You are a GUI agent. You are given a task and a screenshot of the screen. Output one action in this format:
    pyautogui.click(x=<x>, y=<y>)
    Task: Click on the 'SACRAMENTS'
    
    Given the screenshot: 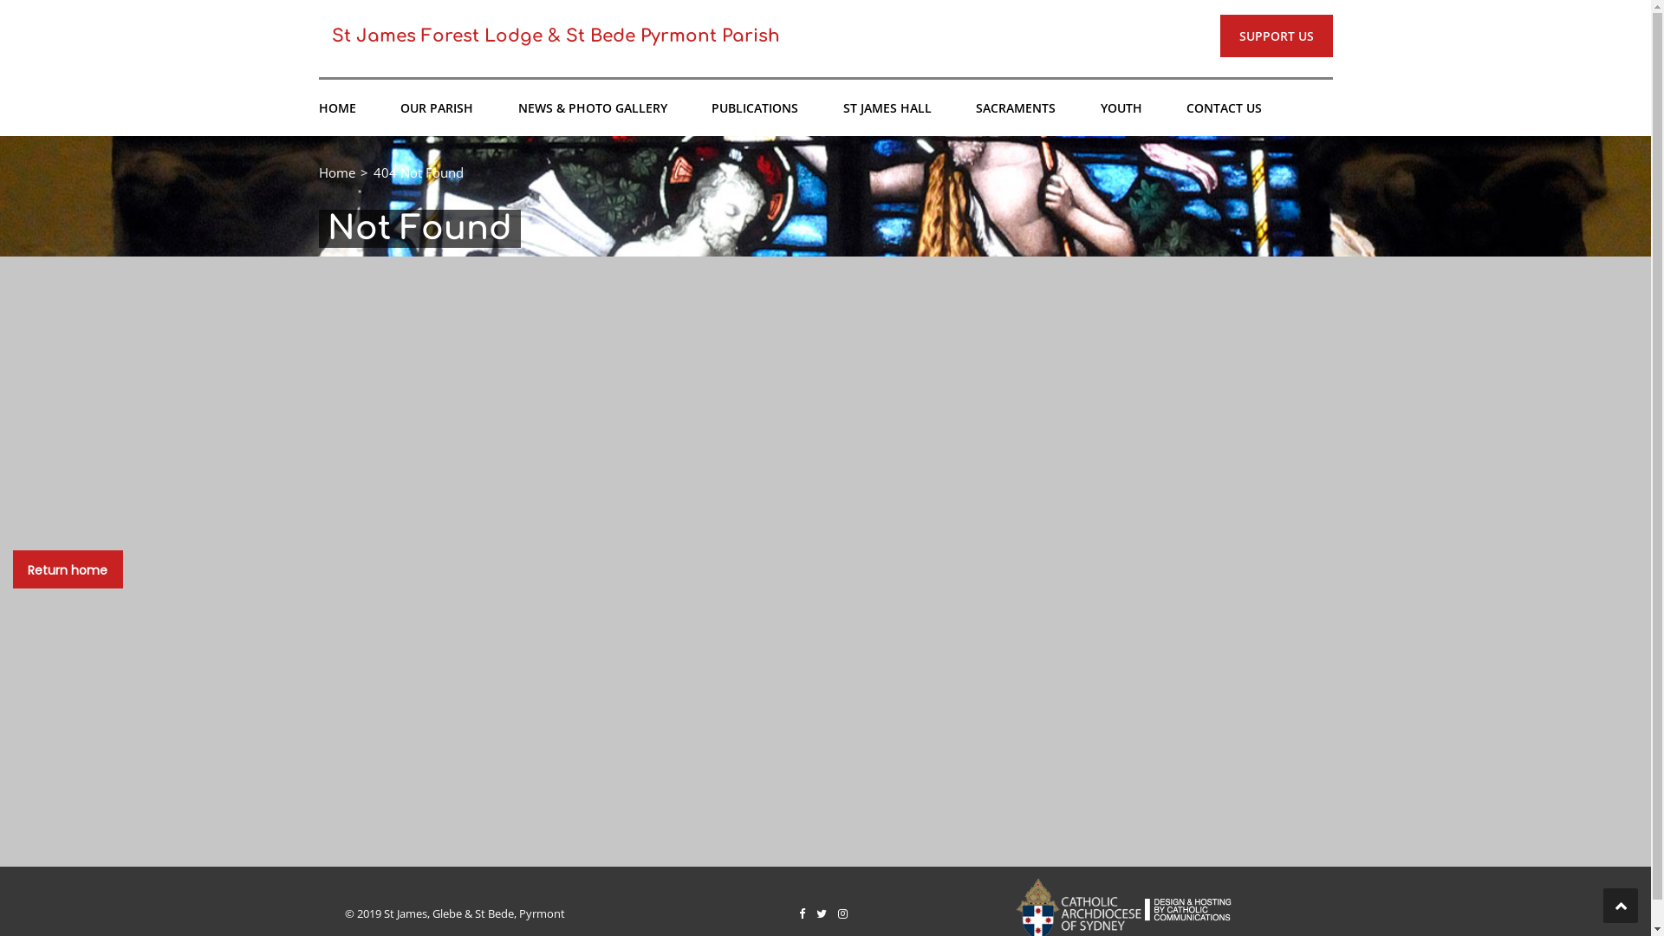 What is the action you would take?
    pyautogui.click(x=1015, y=107)
    